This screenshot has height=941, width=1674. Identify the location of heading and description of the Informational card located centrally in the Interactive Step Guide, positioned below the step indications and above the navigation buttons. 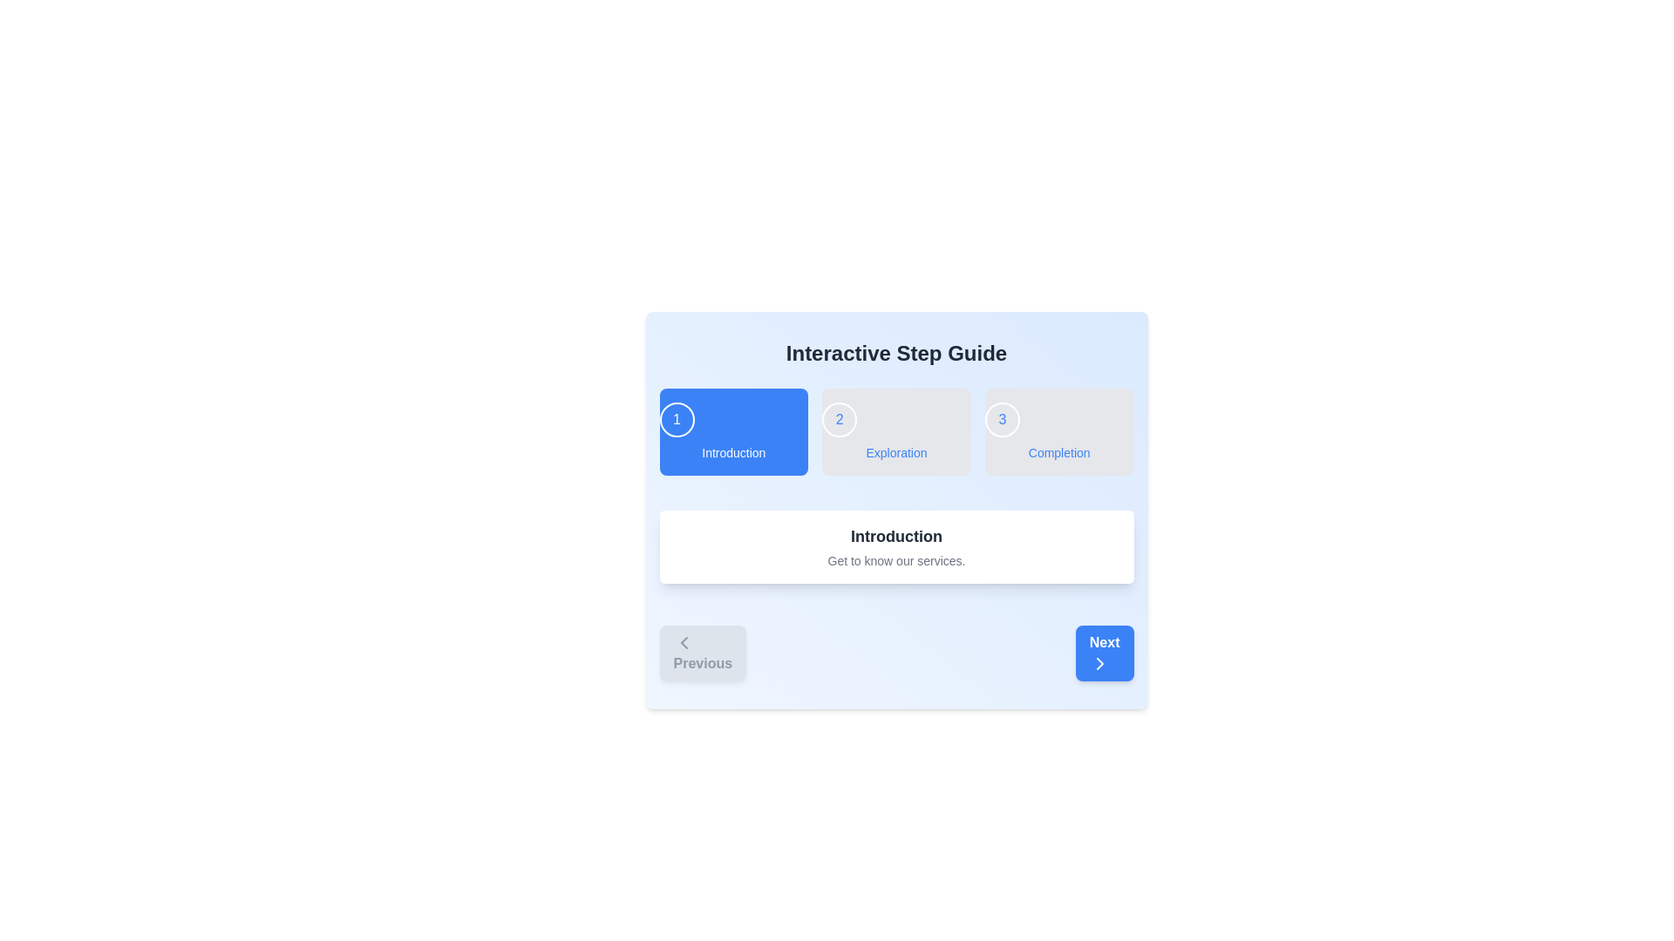
(896, 546).